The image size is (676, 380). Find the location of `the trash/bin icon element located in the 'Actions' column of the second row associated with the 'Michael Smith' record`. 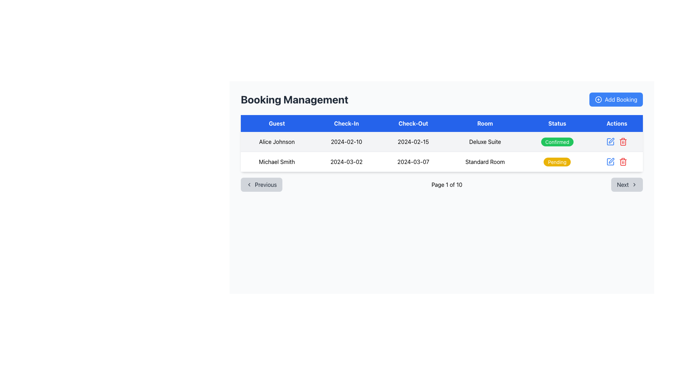

the trash/bin icon element located in the 'Actions' column of the second row associated with the 'Michael Smith' record is located at coordinates (623, 163).